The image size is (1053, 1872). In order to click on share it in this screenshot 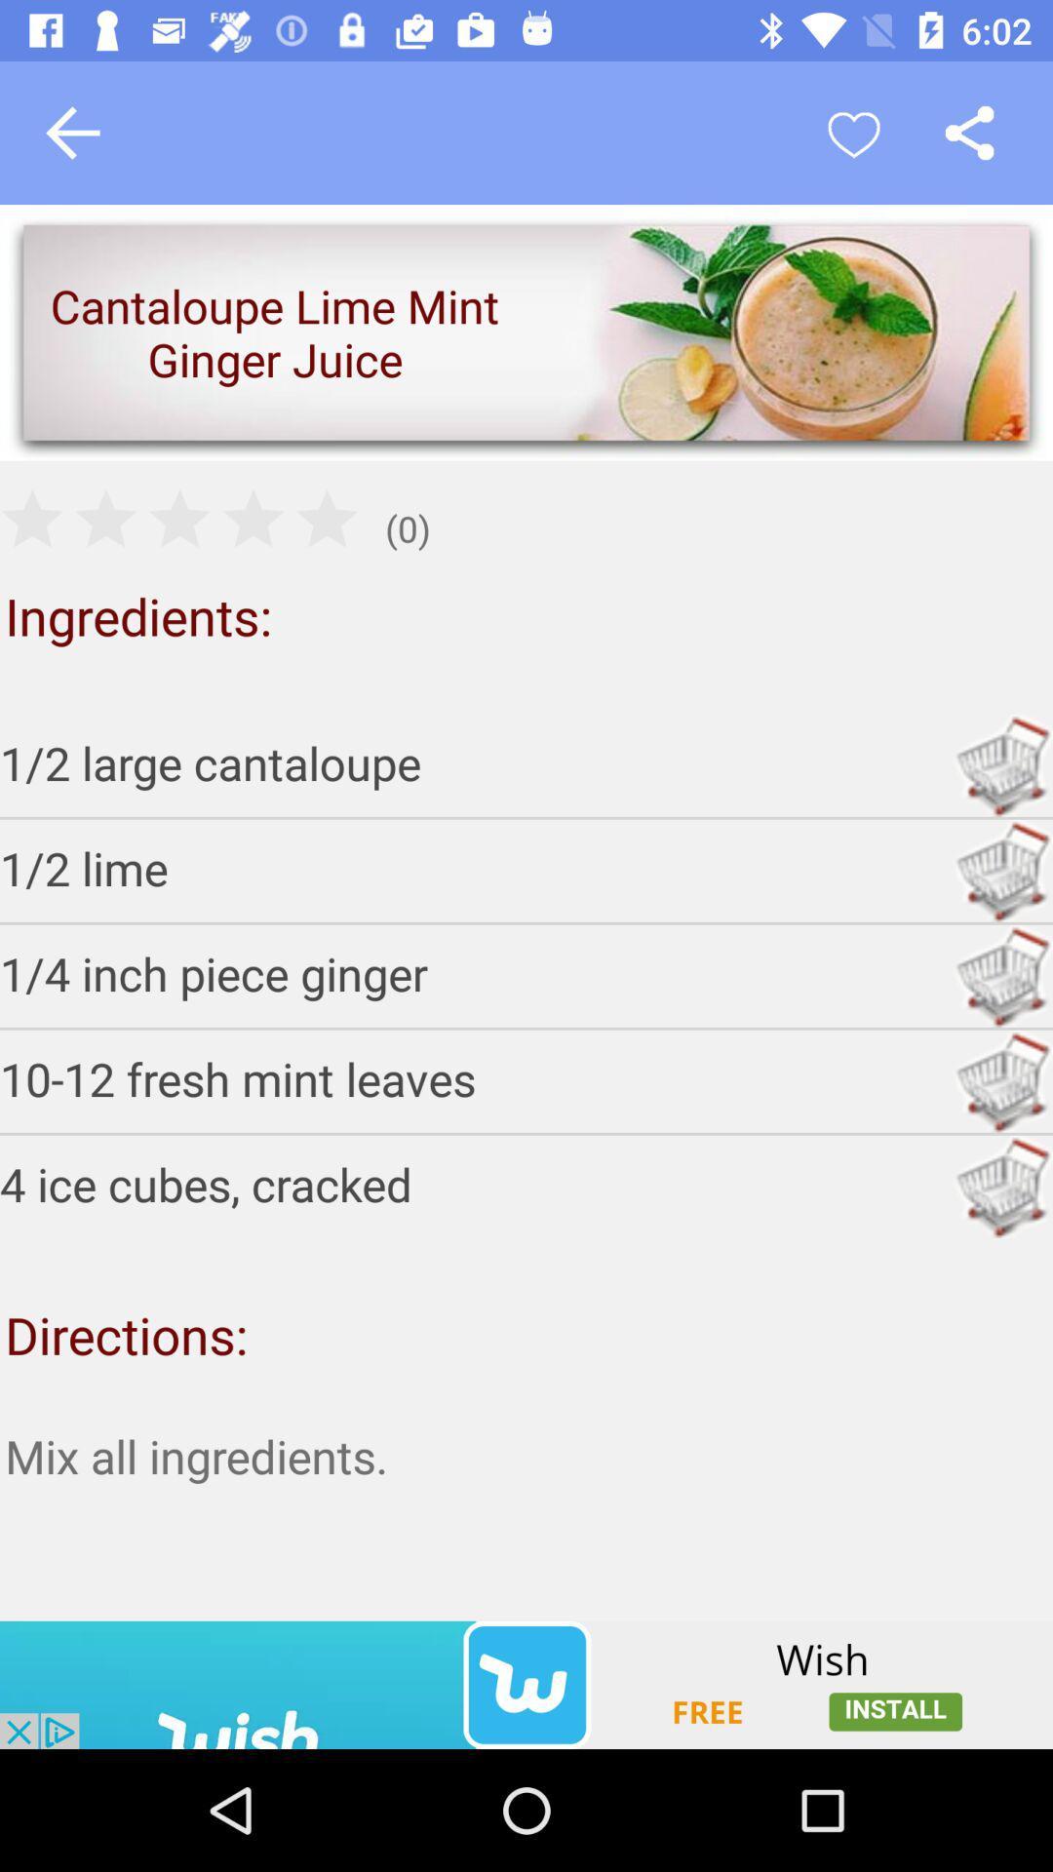, I will do `click(969, 132)`.